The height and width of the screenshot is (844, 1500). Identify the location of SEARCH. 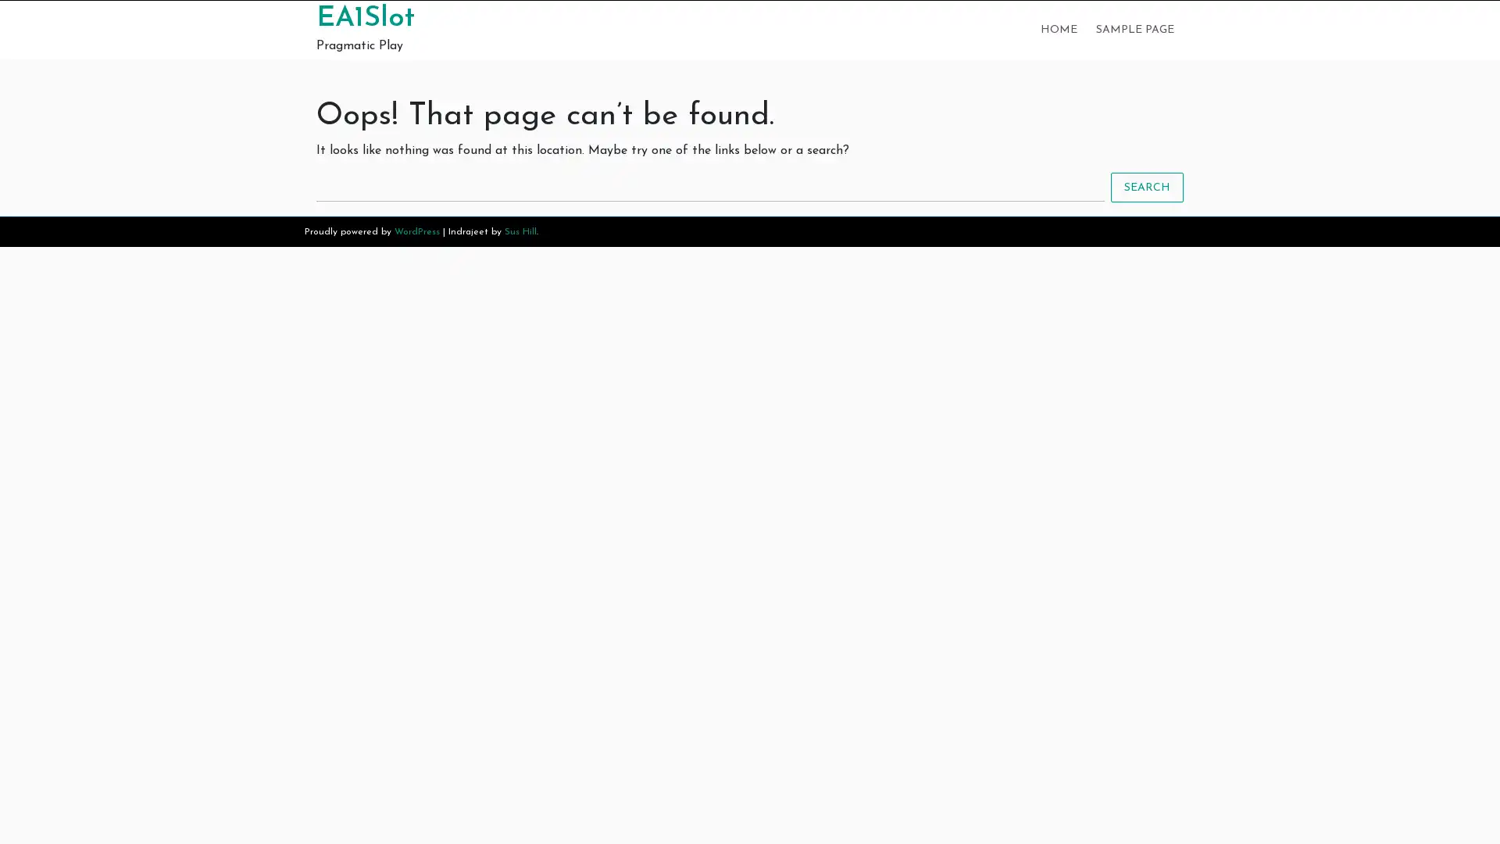
(1147, 186).